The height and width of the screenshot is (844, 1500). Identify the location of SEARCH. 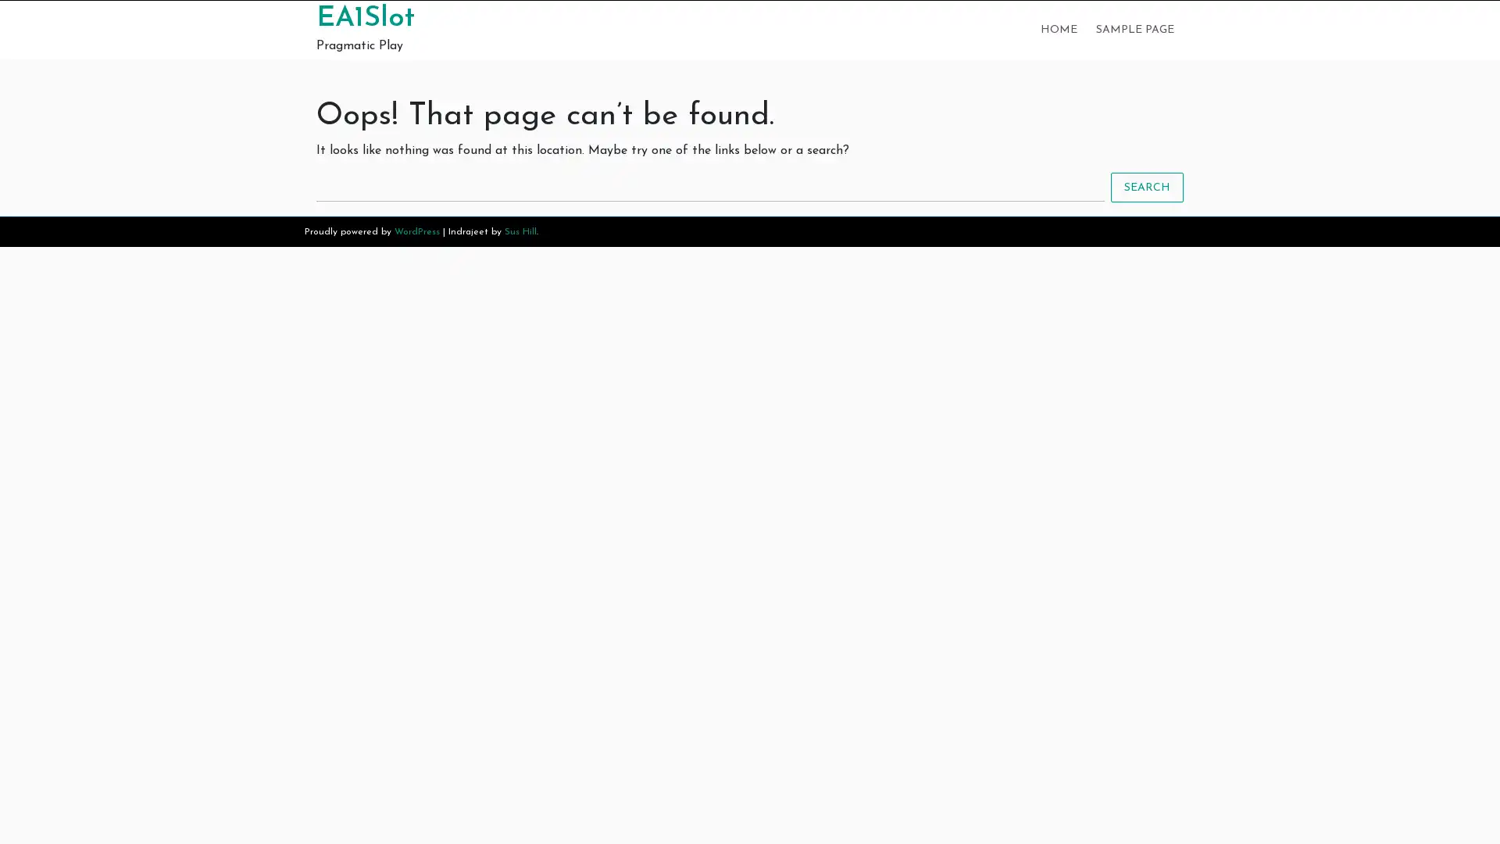
(1147, 186).